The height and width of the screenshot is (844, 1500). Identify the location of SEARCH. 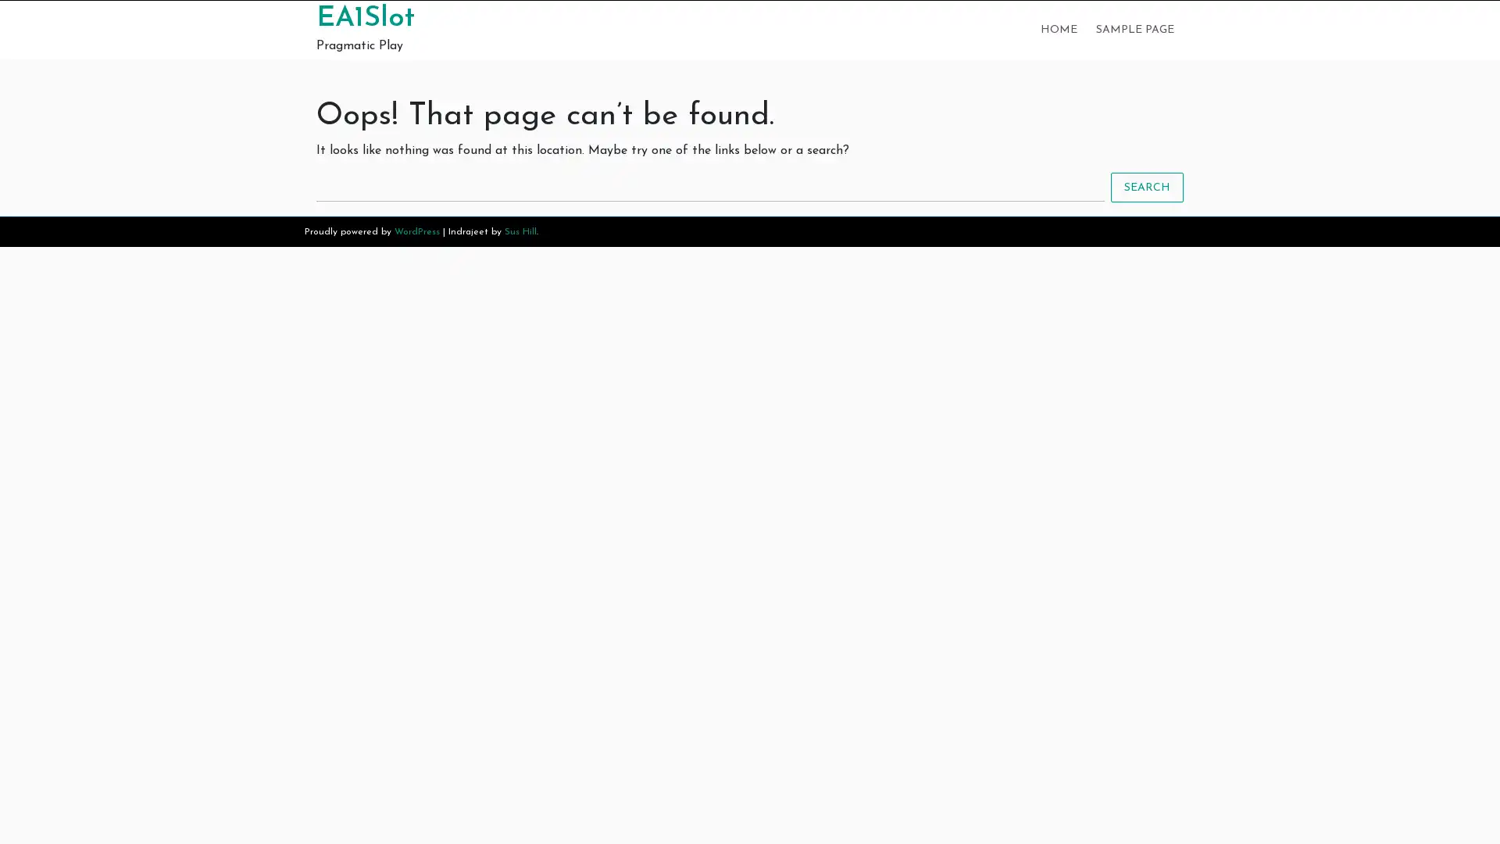
(1147, 186).